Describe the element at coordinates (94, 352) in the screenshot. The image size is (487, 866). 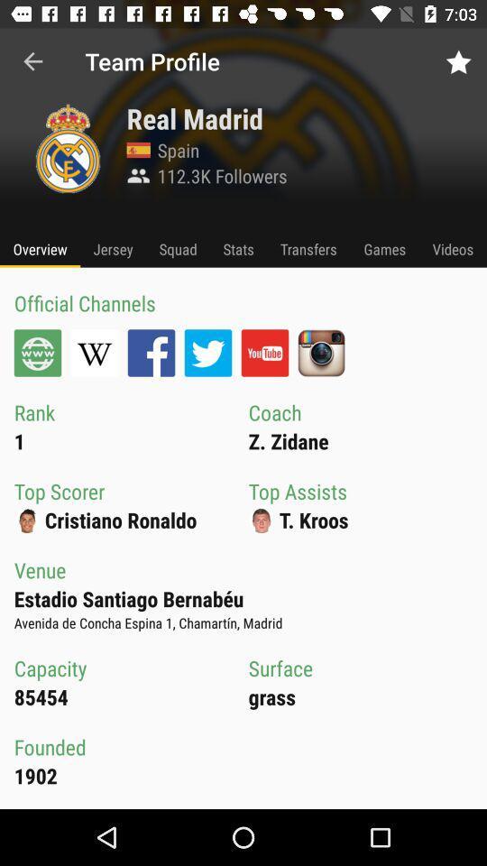
I see `wikipedia` at that location.